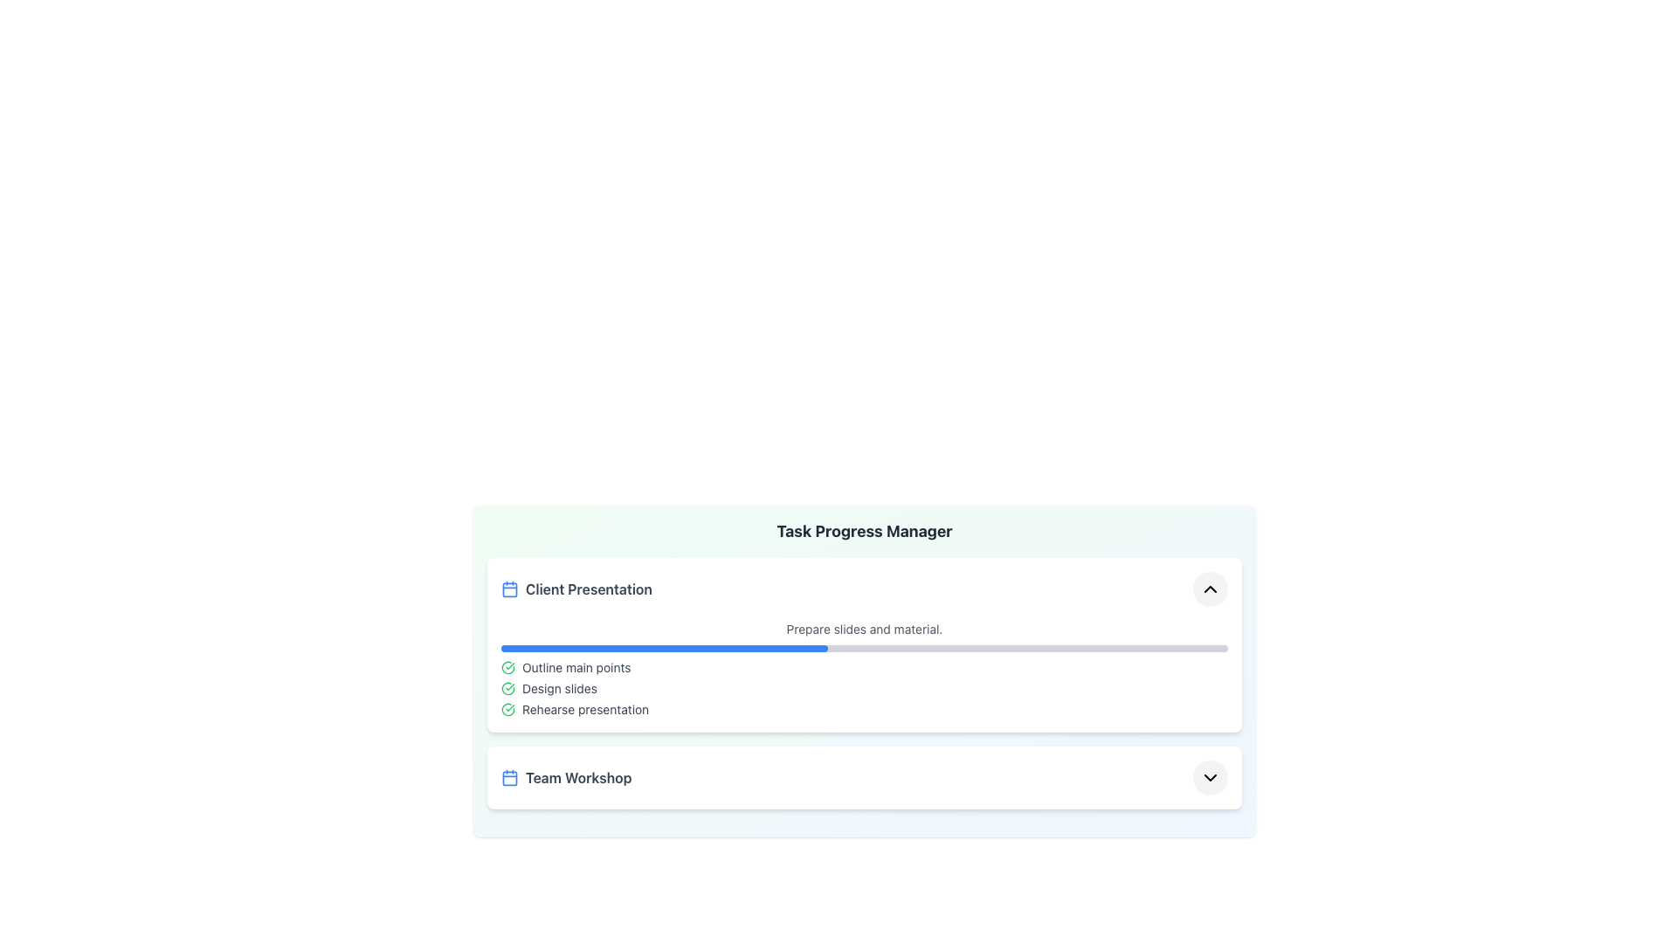  I want to click on the calendar icon representing scheduling functionality, which is located to the left of the 'Team Workshop' text label in the 'Task Progress Manager' card layout, so click(509, 777).